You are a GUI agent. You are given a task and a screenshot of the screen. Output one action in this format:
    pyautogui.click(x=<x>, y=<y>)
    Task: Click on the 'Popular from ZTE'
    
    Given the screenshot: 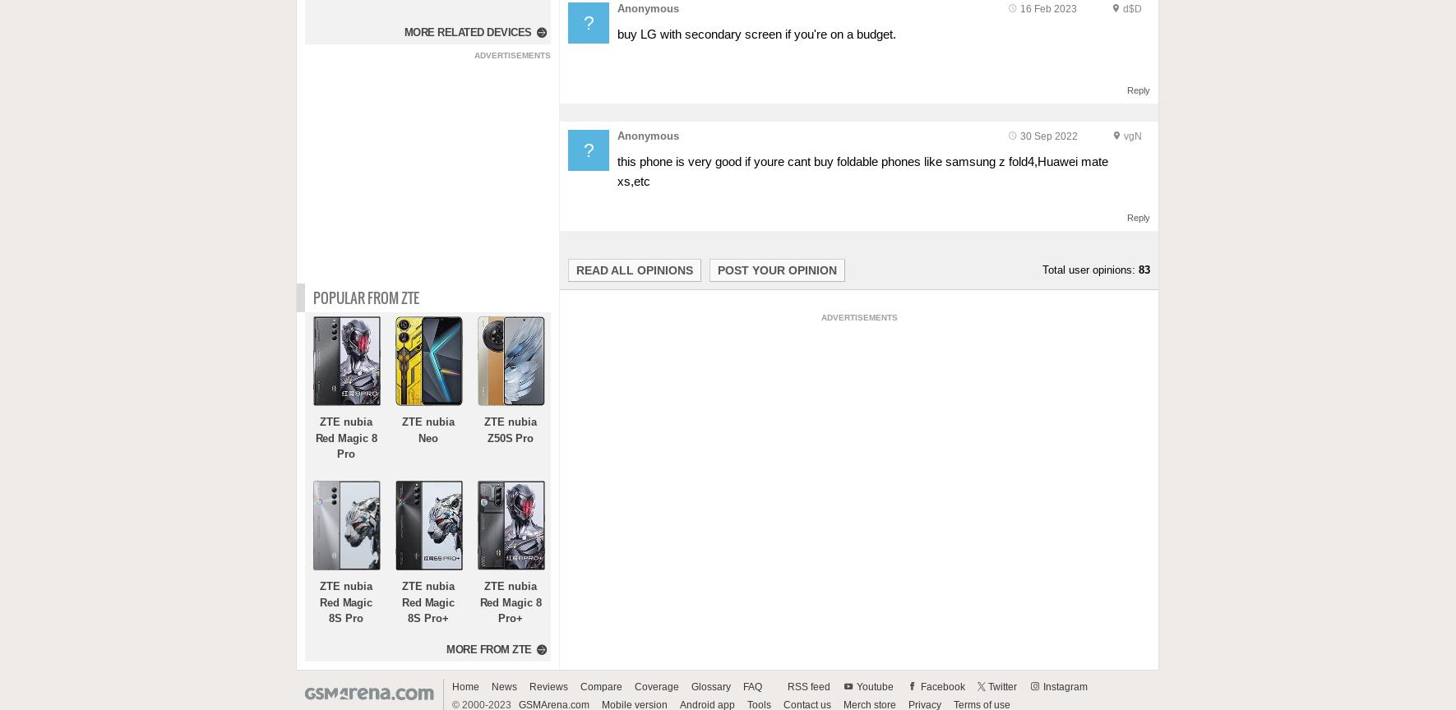 What is the action you would take?
    pyautogui.click(x=366, y=296)
    